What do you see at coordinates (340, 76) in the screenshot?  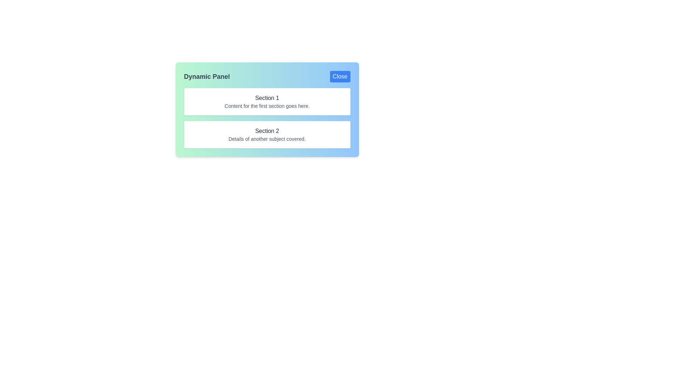 I see `the close button located in the top-right corner of the 'Dynamic Panel'` at bounding box center [340, 76].